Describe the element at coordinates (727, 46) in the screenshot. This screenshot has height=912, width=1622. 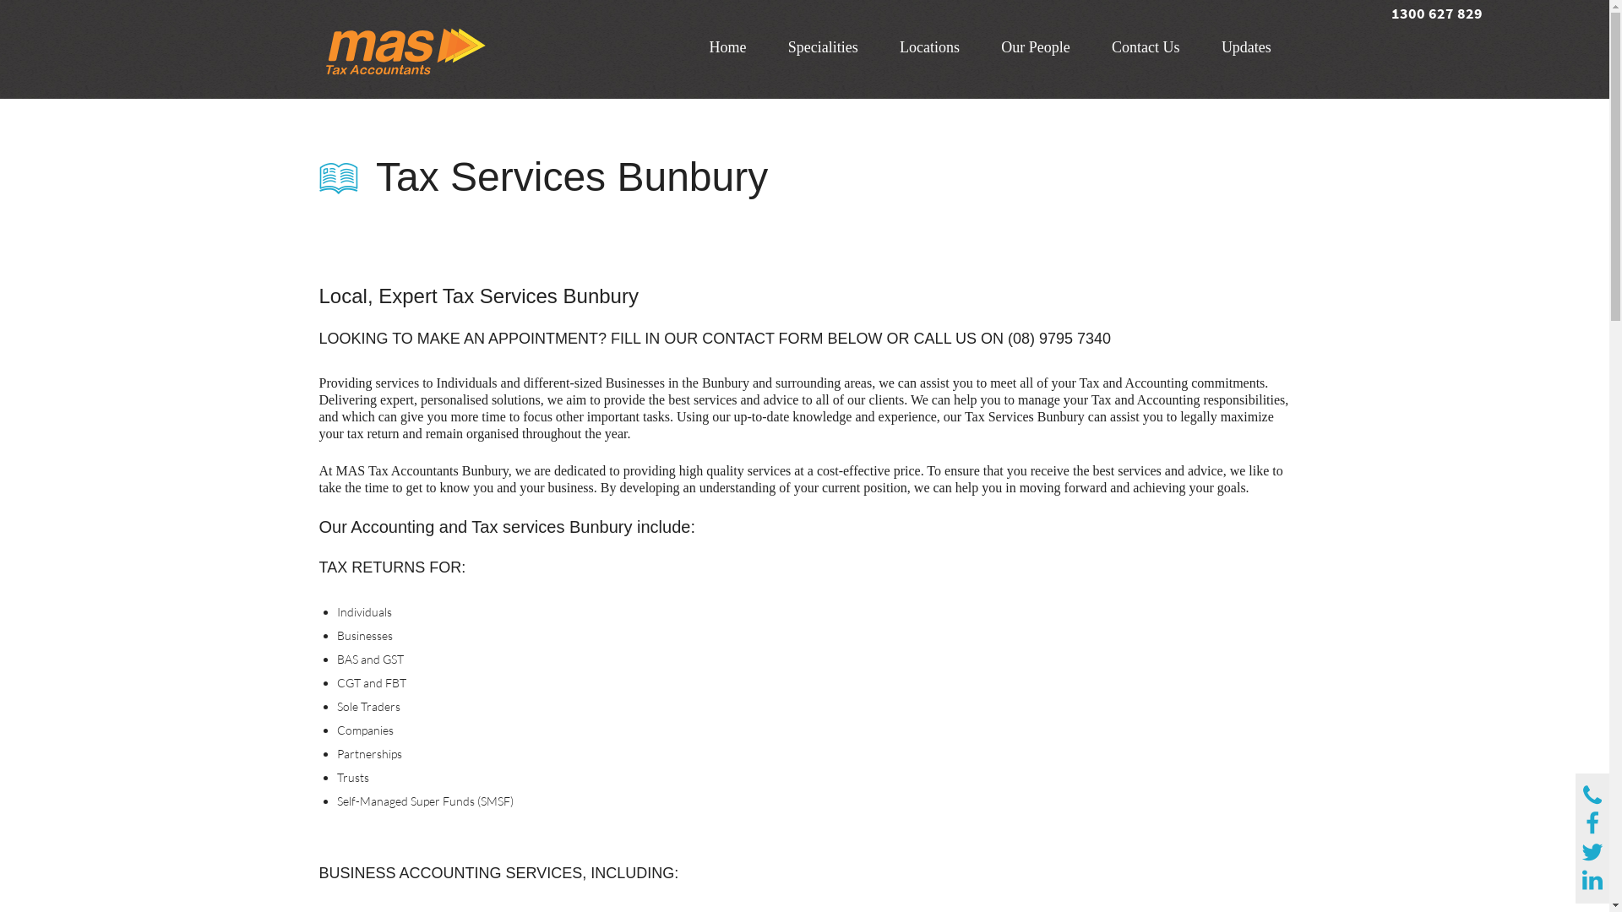
I see `'Home'` at that location.